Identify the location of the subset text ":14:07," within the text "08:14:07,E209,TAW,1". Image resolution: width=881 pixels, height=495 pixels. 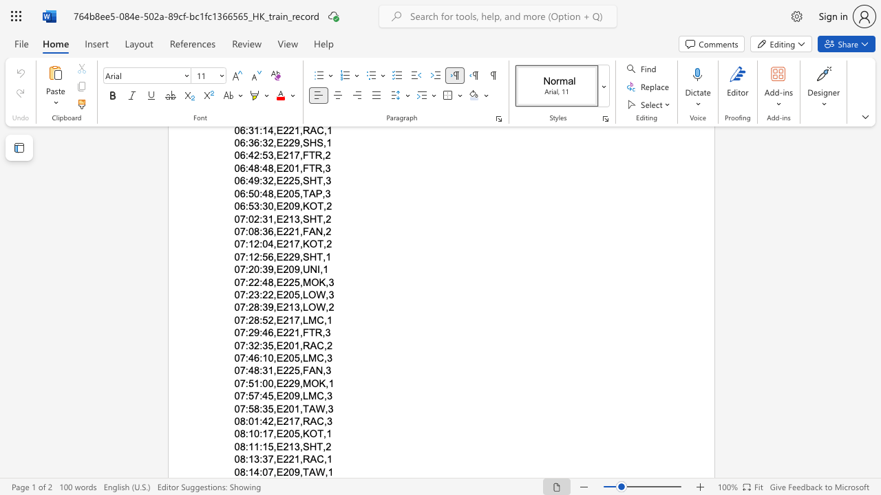
(245, 471).